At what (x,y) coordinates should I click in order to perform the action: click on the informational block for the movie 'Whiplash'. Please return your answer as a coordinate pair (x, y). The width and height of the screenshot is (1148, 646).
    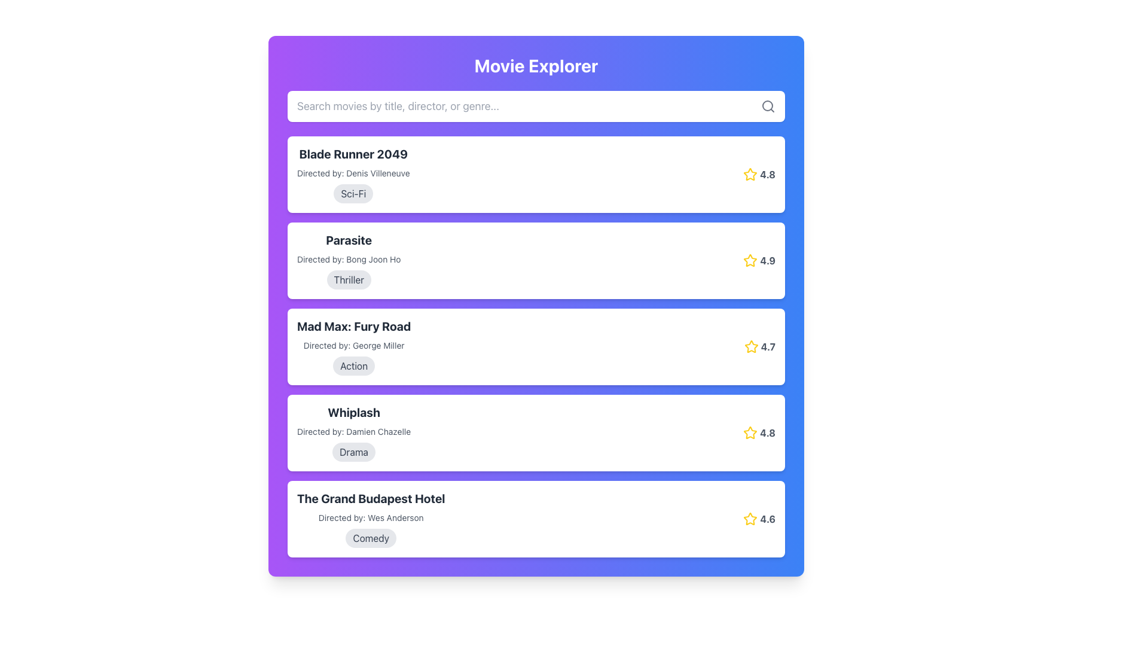
    Looking at the image, I should click on (353, 433).